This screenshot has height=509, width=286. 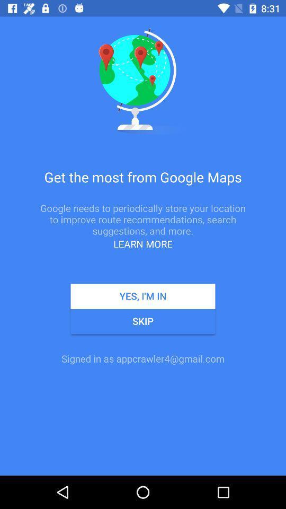 What do you see at coordinates (143, 244) in the screenshot?
I see `icon above yes i m item` at bounding box center [143, 244].